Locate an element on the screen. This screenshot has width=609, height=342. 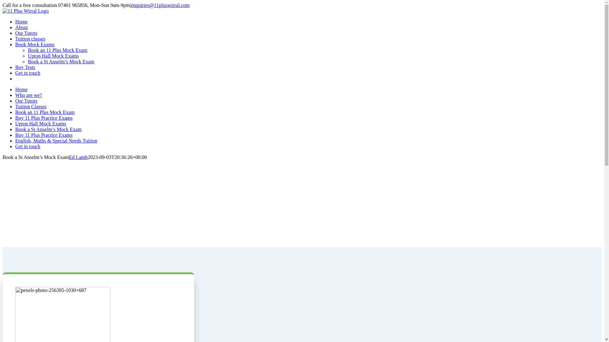
'Upton Hall Mock Exams' is located at coordinates (53, 55).